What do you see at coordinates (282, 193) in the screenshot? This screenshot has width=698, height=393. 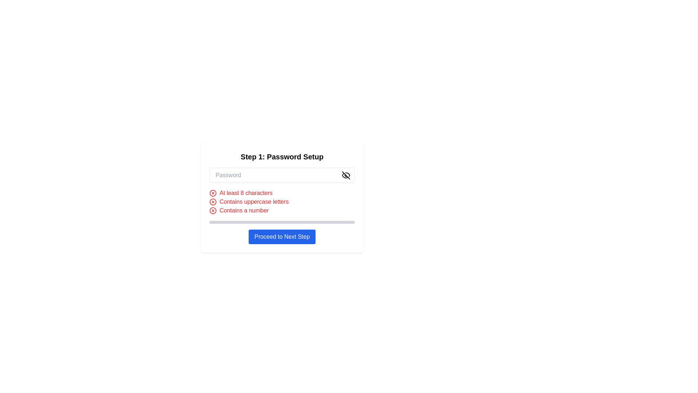 I see `the text item indicating that the password must be at least 8 characters long, which is currently displayed in red and accompanied by a cross icon, to obtain additional information` at bounding box center [282, 193].